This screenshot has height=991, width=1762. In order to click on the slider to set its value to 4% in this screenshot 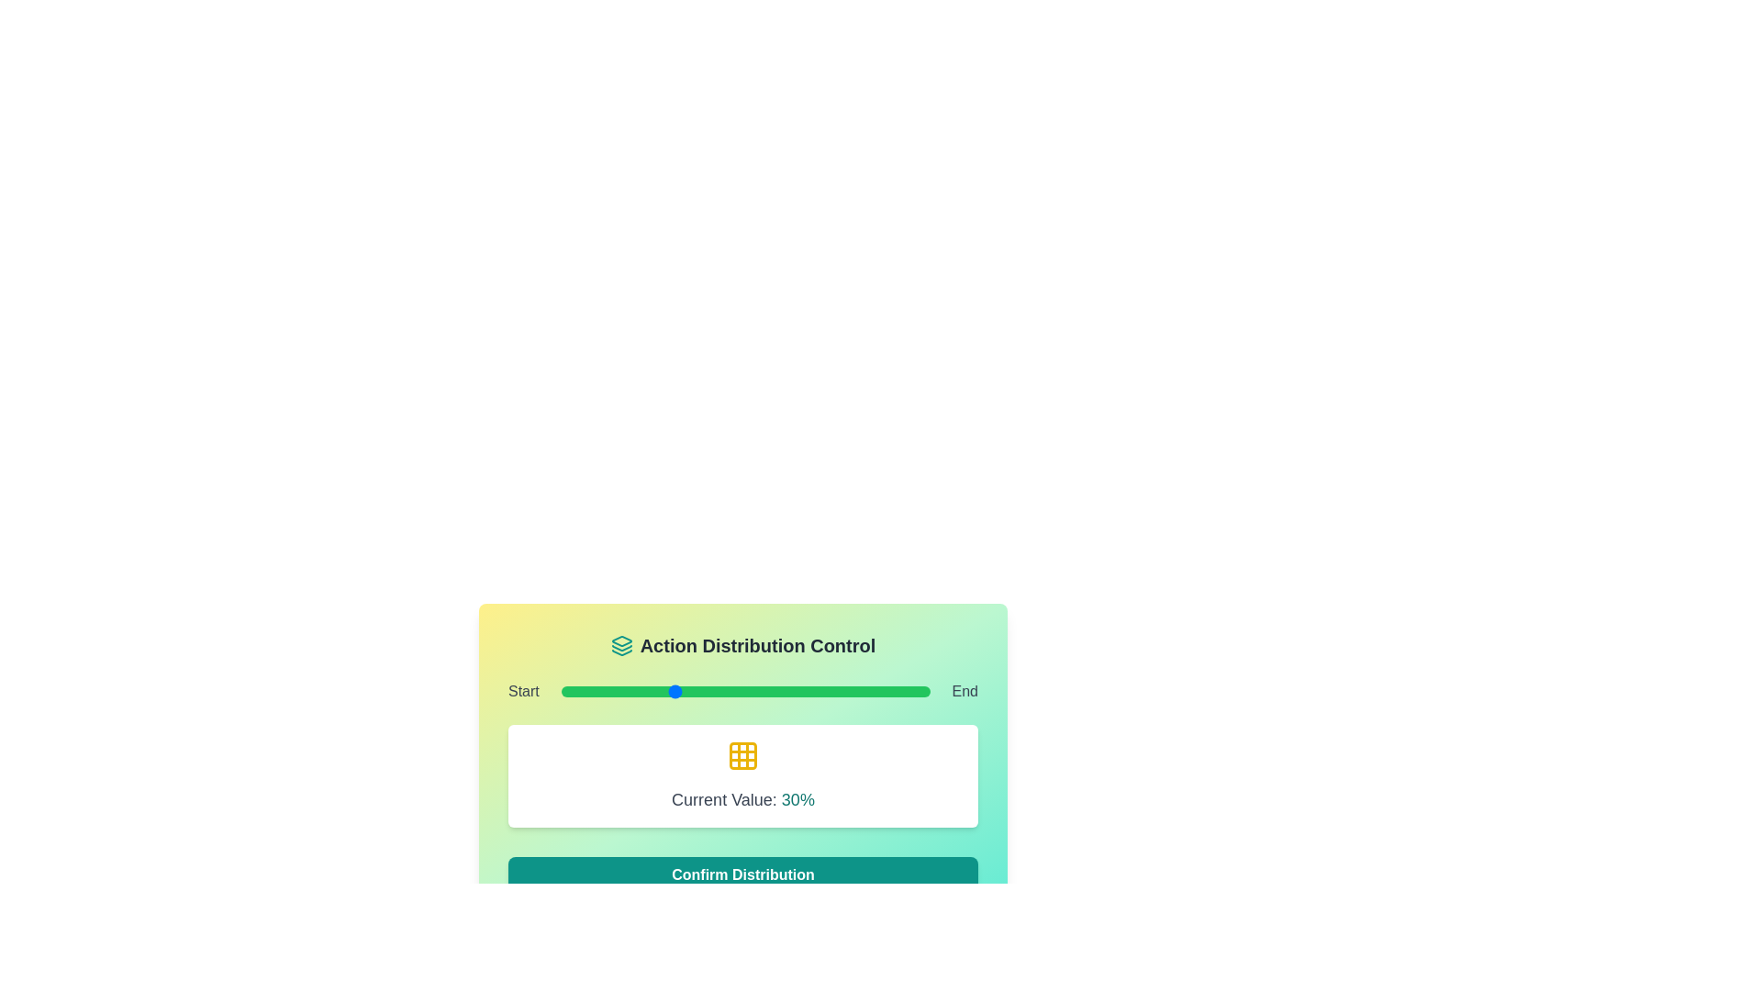, I will do `click(574, 691)`.